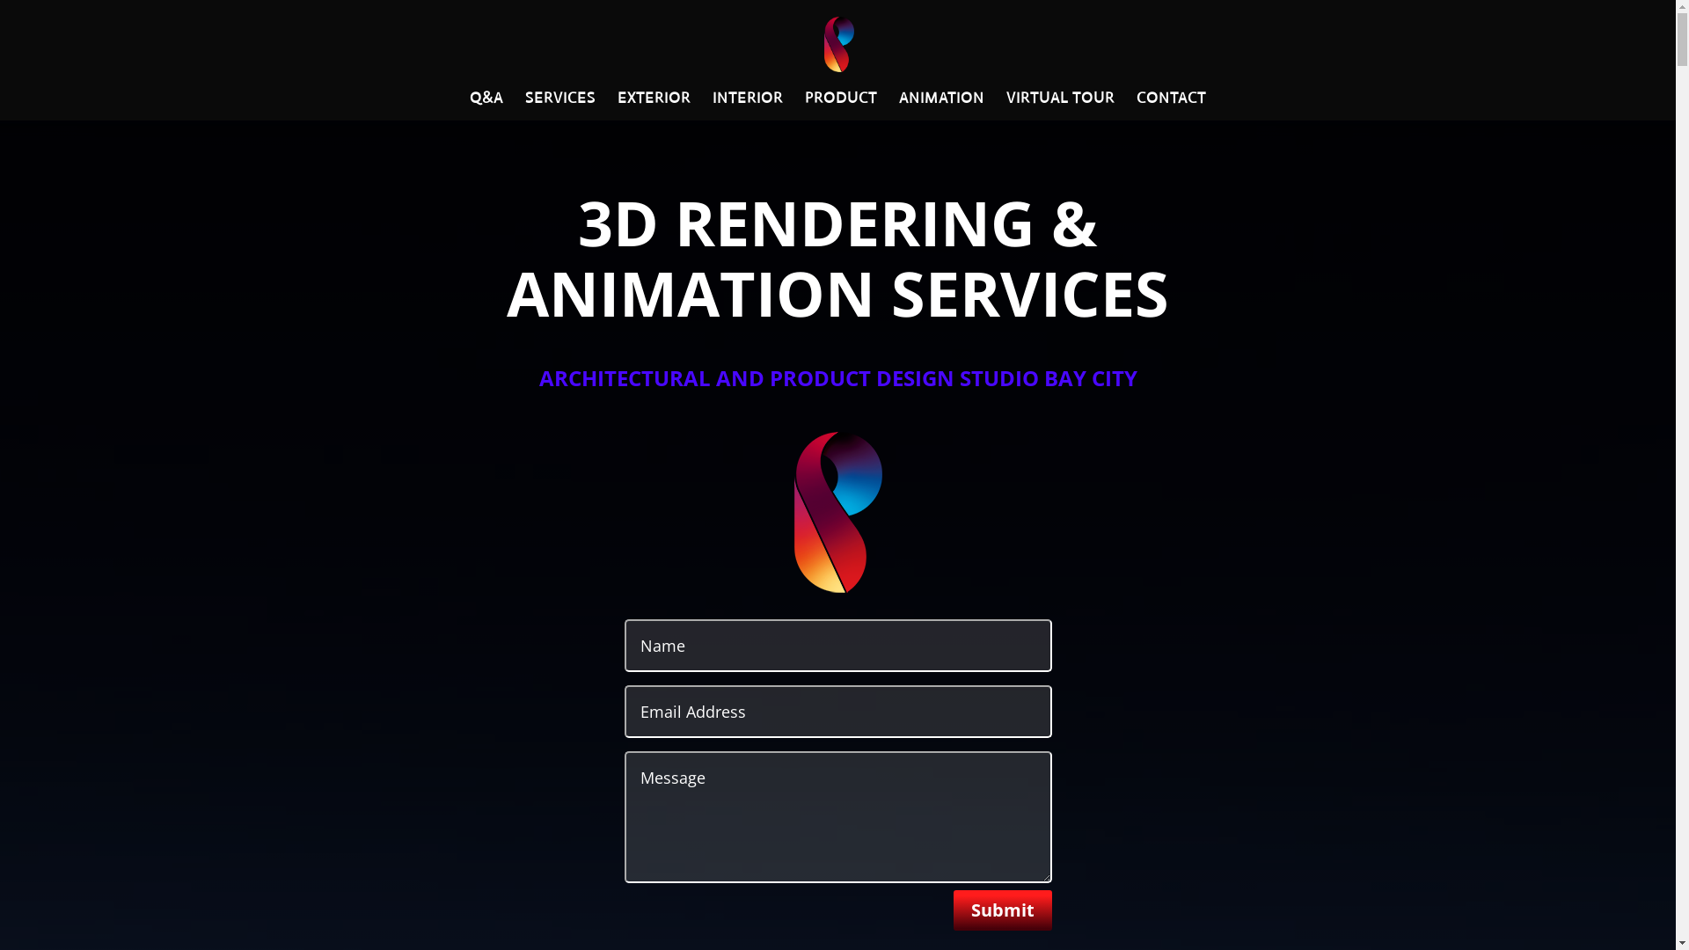 Image resolution: width=1689 pixels, height=950 pixels. What do you see at coordinates (940, 106) in the screenshot?
I see `'ANIMATION'` at bounding box center [940, 106].